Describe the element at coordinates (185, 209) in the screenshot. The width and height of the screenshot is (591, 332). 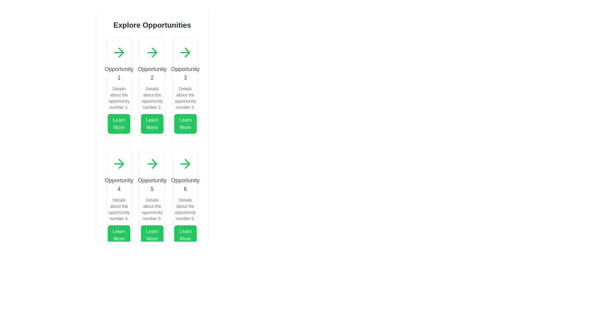
I see `text label that provides additional details for the opportunity titled 'Opportunity 6', which is positioned between the title and the 'Learn More' button in the second row, third column of the grid layout` at that location.